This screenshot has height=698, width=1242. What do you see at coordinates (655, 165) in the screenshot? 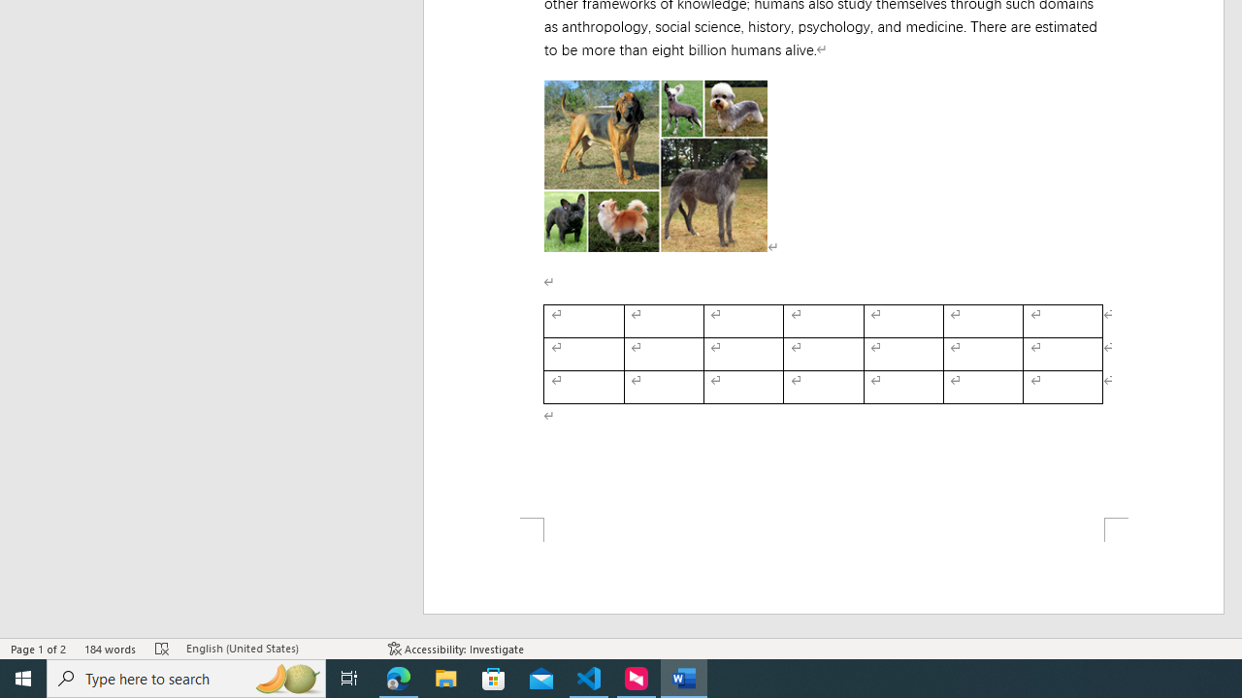
I see `'Morphological variation in six dogs'` at bounding box center [655, 165].